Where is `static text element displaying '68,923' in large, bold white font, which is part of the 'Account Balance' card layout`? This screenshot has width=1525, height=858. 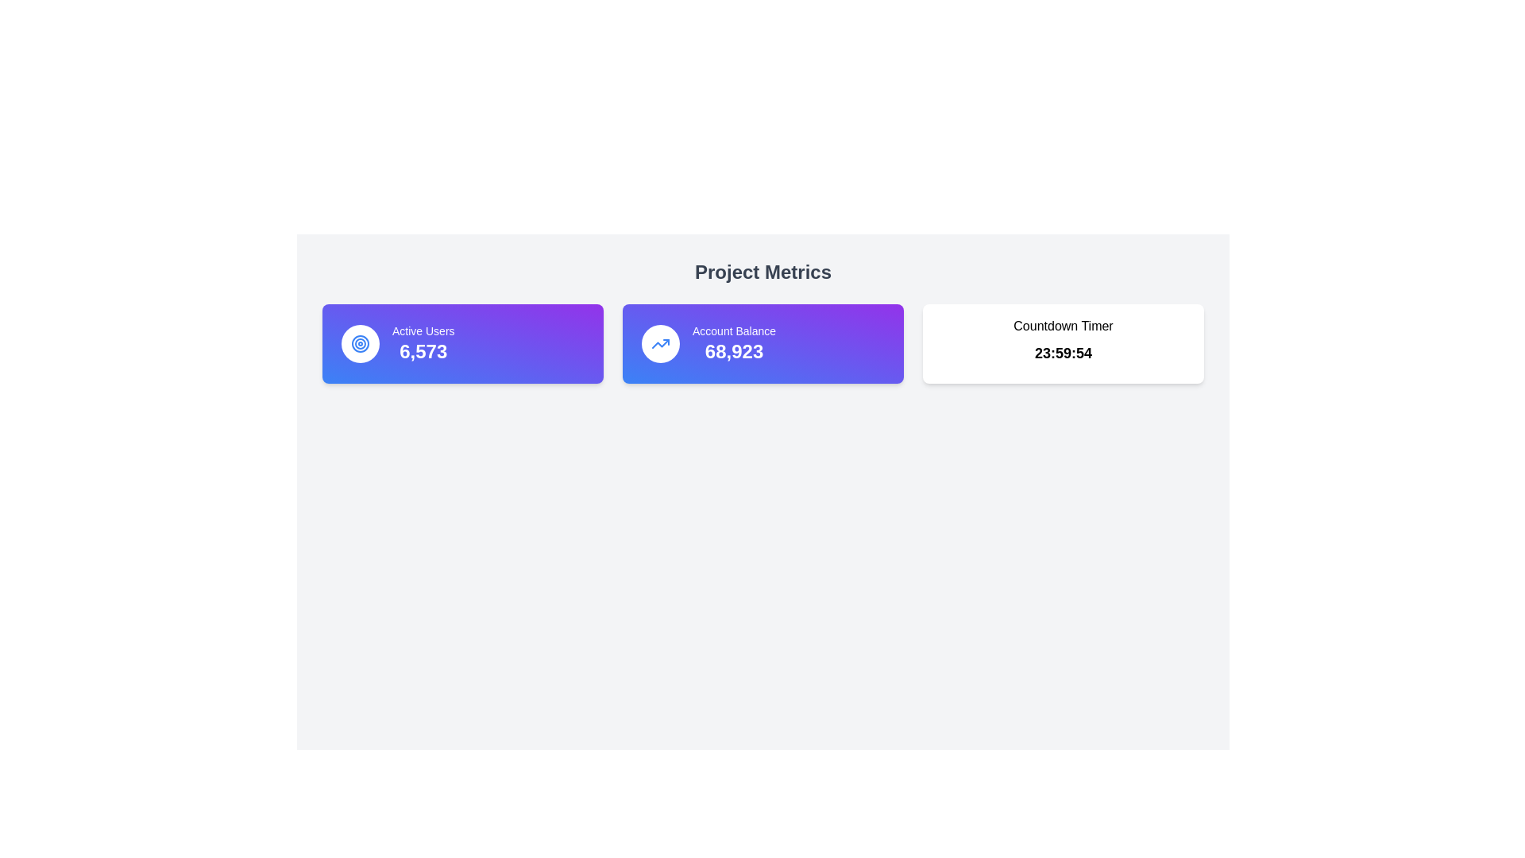 static text element displaying '68,923' in large, bold white font, which is part of the 'Account Balance' card layout is located at coordinates (733, 351).